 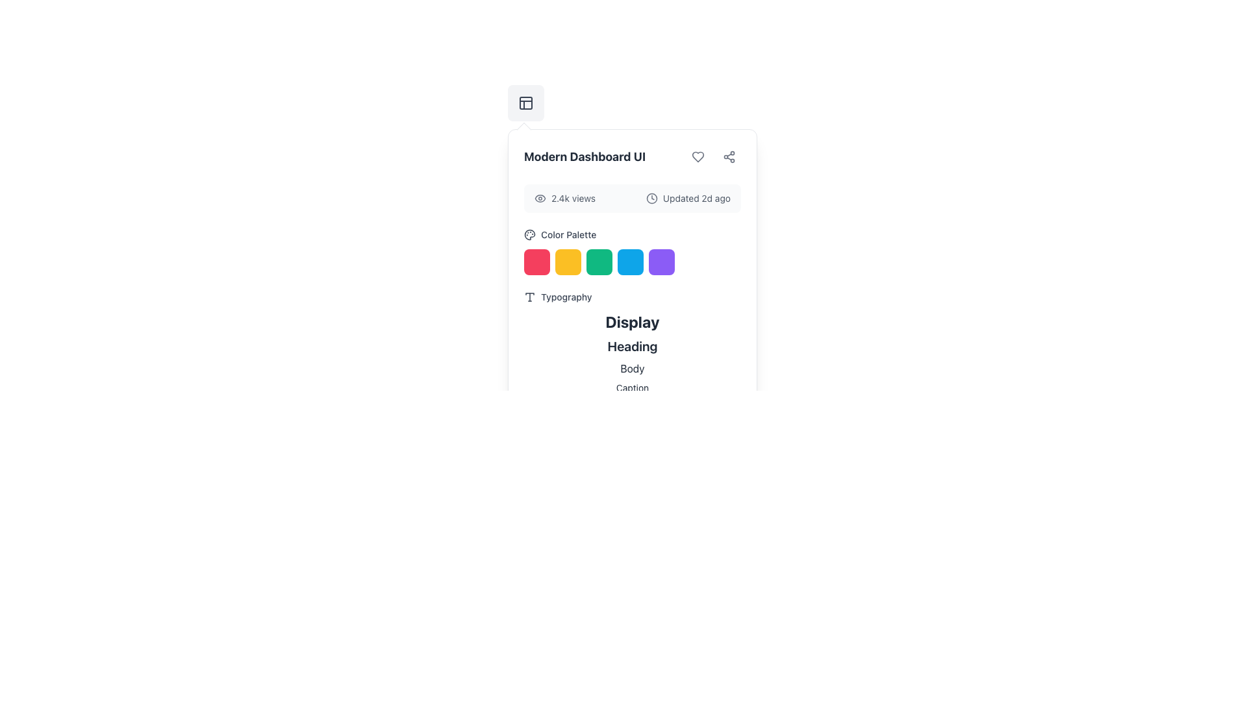 I want to click on the small rectangular shape with rounded corners located inside the segmented panel layout icon in the top-left corner of the user interface, so click(x=526, y=102).